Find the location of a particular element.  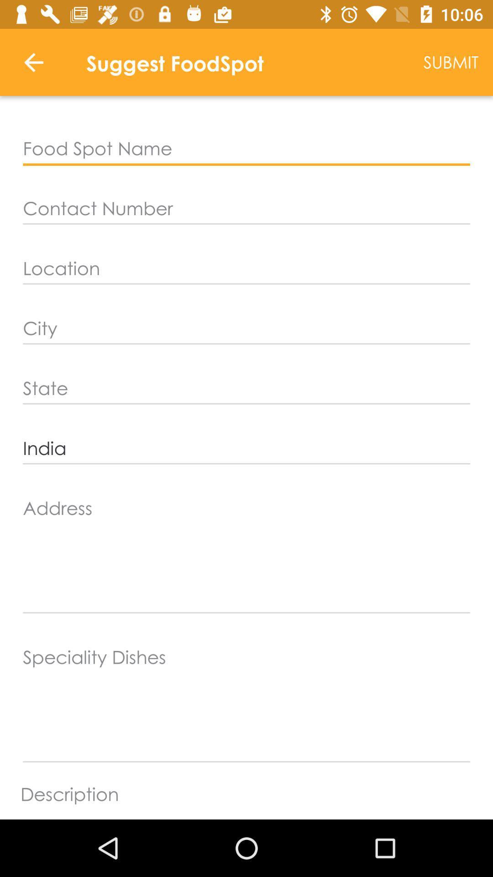

the submit icon is located at coordinates (451, 62).